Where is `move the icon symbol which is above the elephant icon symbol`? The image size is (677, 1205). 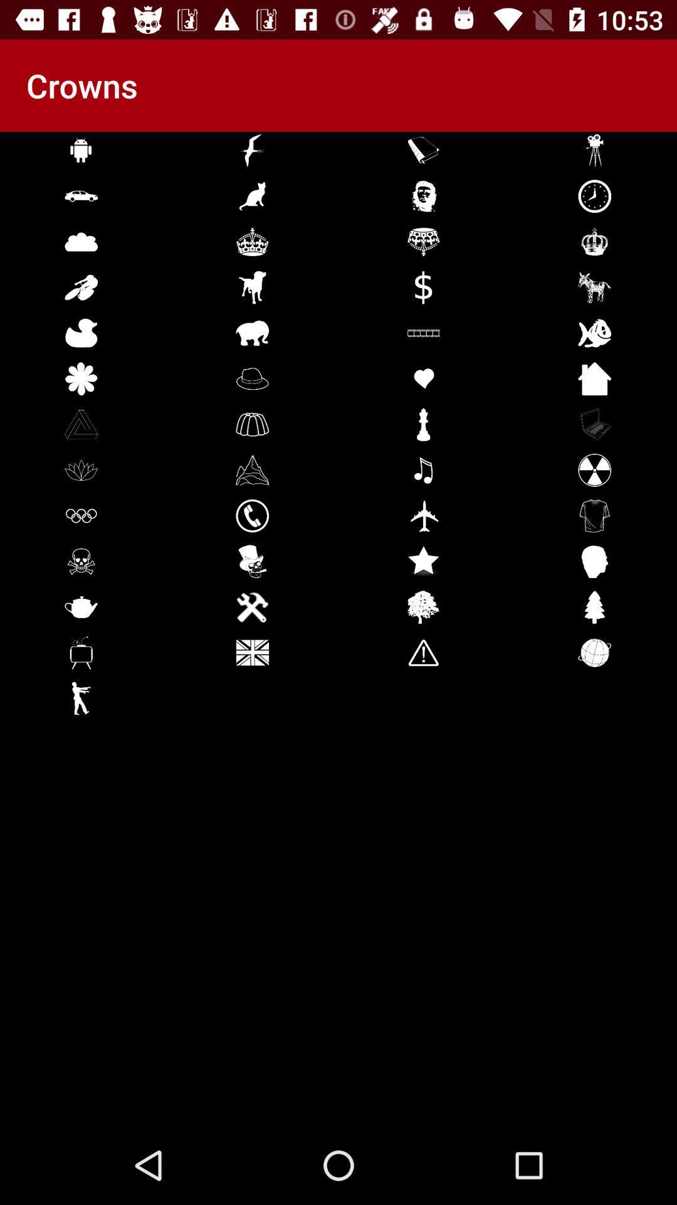
move the icon symbol which is above the elephant icon symbol is located at coordinates (252, 286).